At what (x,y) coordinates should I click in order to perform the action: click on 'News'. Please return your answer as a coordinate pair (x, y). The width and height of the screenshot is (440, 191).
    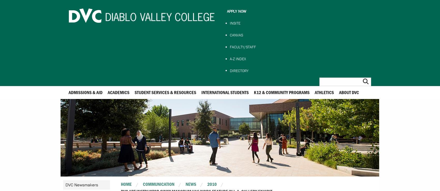
    Looking at the image, I should click on (190, 184).